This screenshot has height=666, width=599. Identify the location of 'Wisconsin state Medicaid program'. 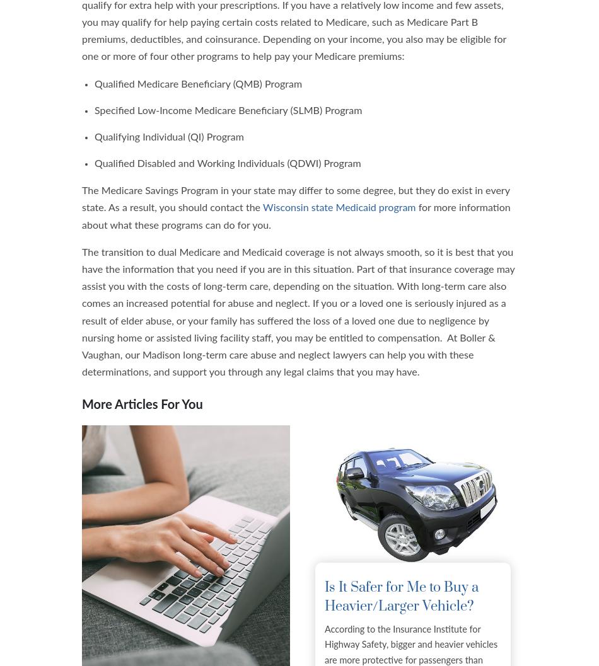
(339, 207).